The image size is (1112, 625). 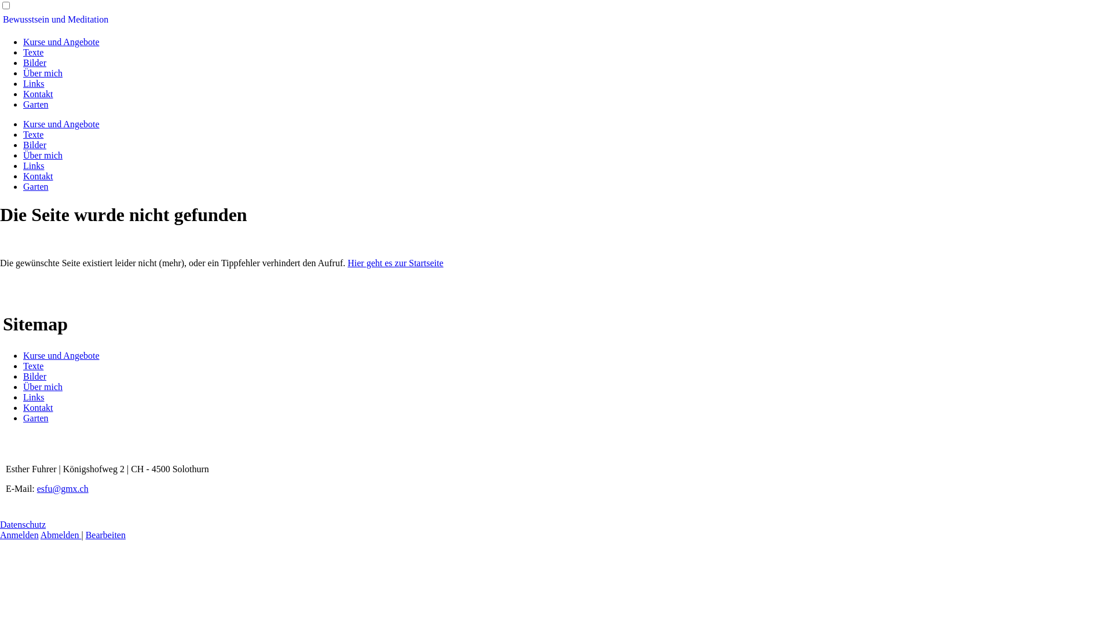 I want to click on 'Hier geht es zur Startseite', so click(x=395, y=263).